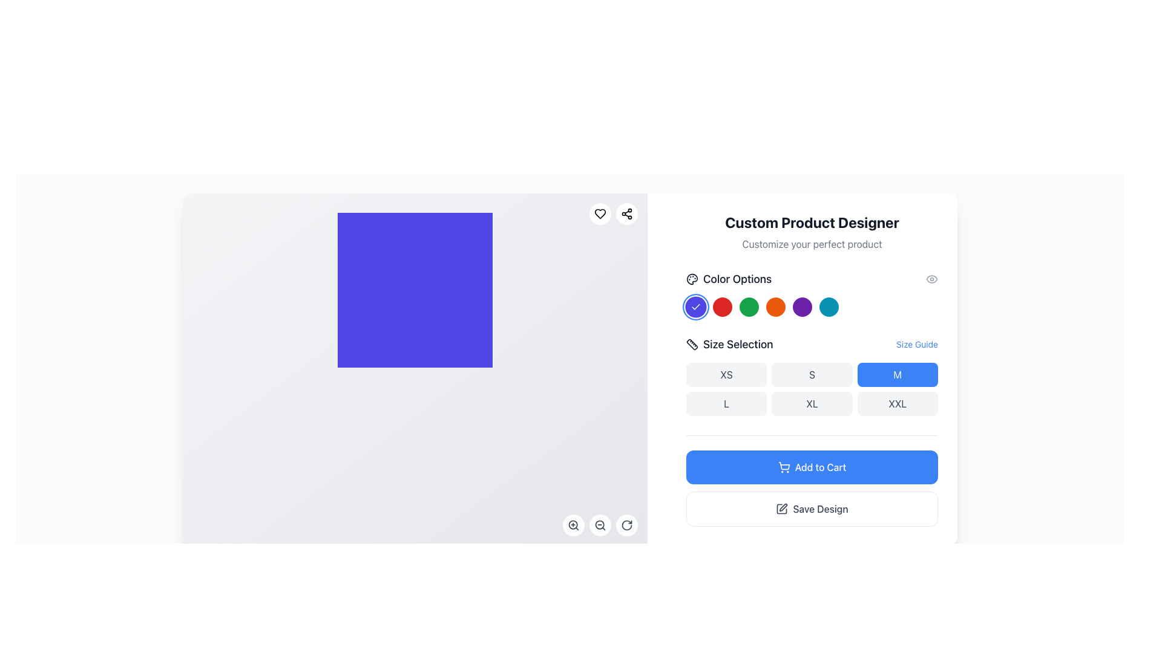 The image size is (1162, 653). Describe the element at coordinates (723, 307) in the screenshot. I see `the third circular button in the color selection menu to observe the scaling hover effect for the red color option` at that location.